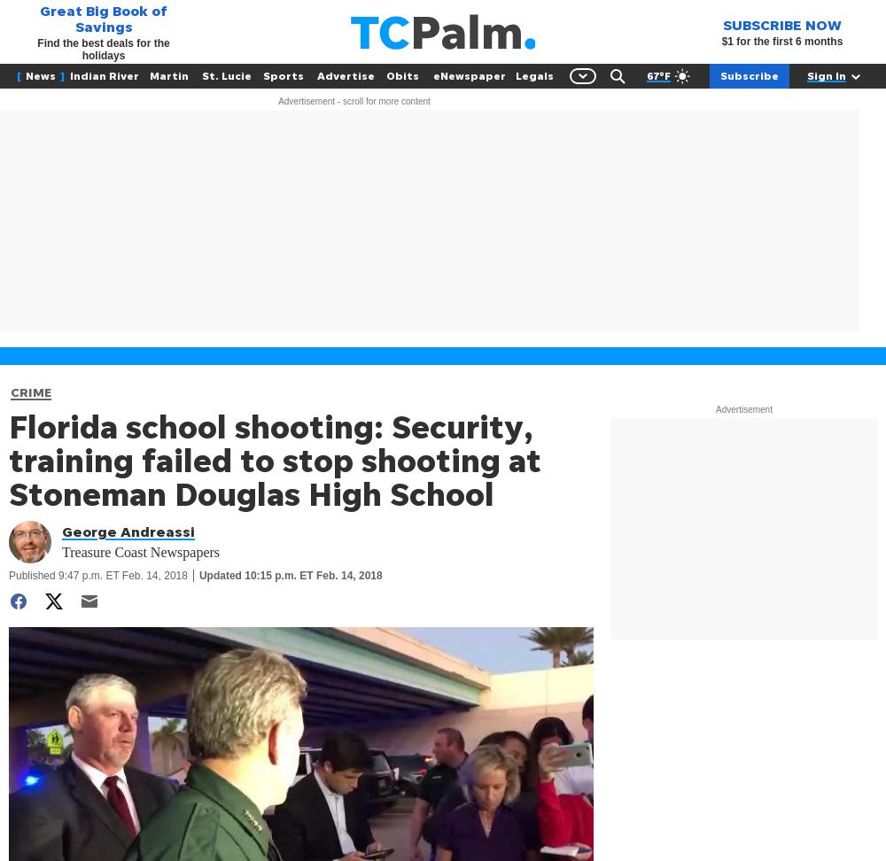  Describe the element at coordinates (128, 531) in the screenshot. I see `'George Andreassi'` at that location.